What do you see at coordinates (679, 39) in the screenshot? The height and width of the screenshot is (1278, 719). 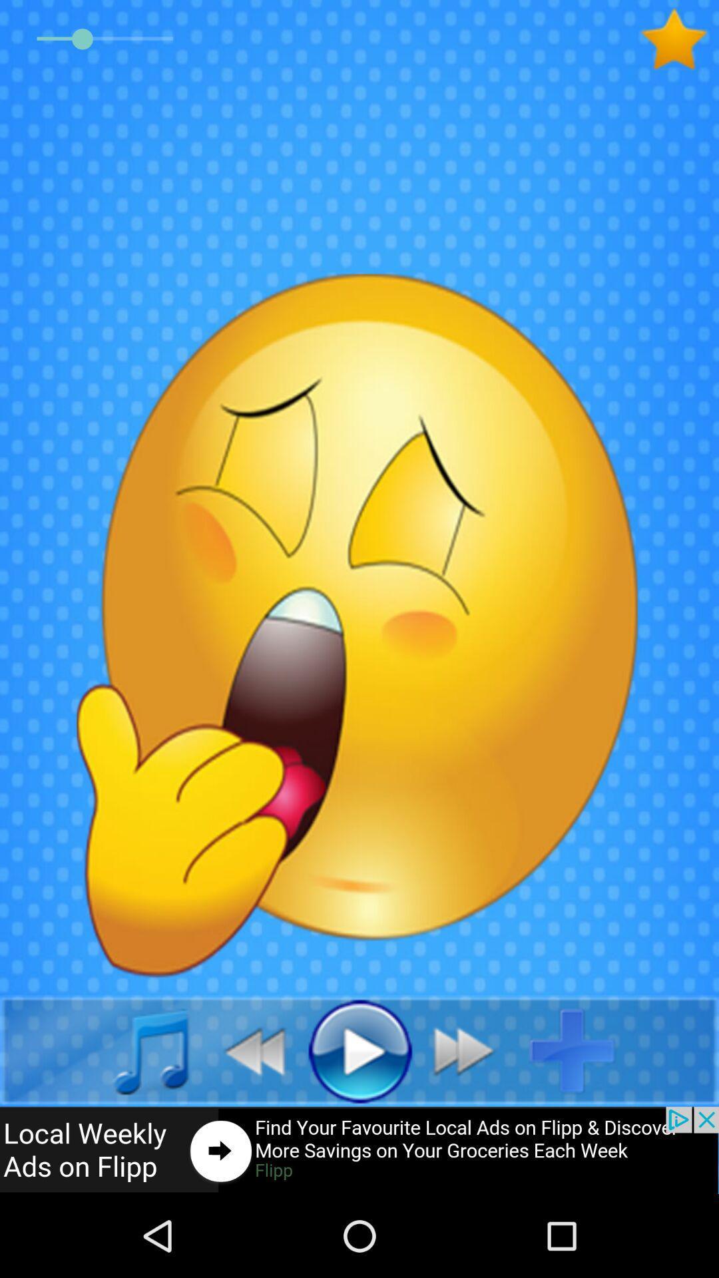 I see `fovread` at bounding box center [679, 39].